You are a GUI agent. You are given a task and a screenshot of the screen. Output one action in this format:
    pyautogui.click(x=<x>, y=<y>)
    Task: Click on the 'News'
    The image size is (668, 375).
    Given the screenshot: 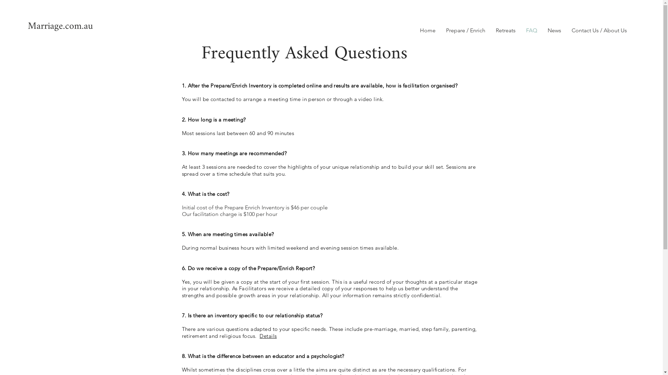 What is the action you would take?
    pyautogui.click(x=554, y=30)
    